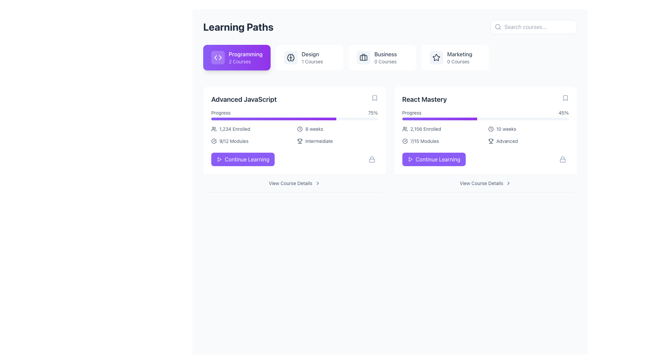 This screenshot has height=364, width=647. What do you see at coordinates (215, 57) in the screenshot?
I see `the left-pointing arrow SVG element in the highlighted 'Programming' section for interaction feedback` at bounding box center [215, 57].